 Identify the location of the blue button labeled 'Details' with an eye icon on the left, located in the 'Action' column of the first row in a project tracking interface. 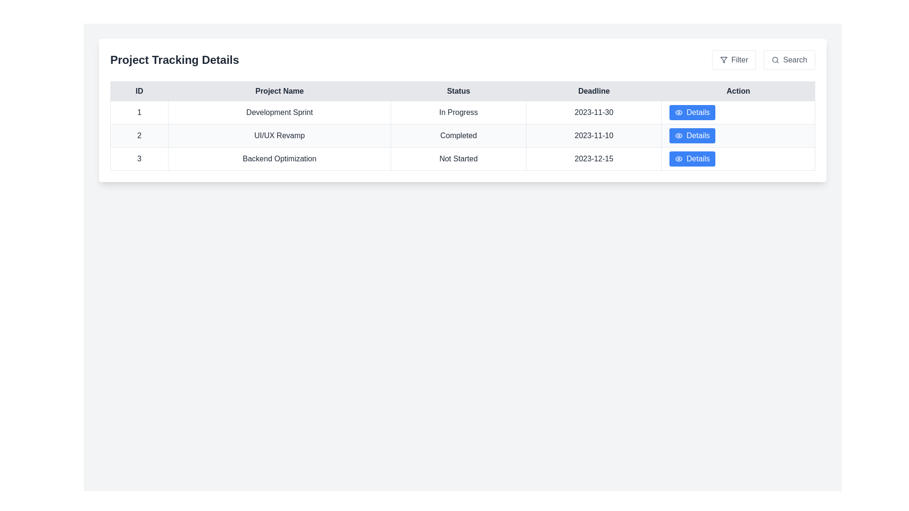
(692, 112).